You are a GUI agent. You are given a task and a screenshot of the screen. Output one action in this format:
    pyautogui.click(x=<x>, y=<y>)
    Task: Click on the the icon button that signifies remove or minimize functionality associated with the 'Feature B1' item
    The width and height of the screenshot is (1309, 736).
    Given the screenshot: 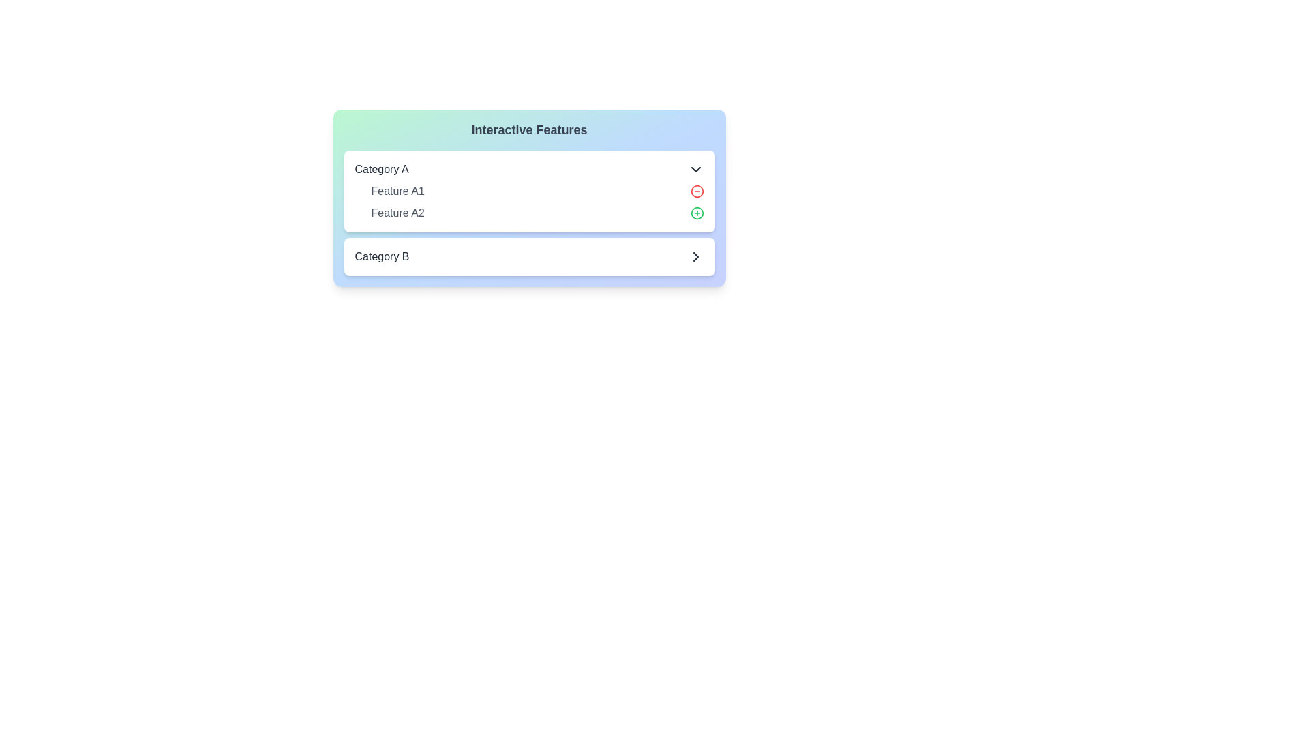 What is the action you would take?
    pyautogui.click(x=697, y=277)
    